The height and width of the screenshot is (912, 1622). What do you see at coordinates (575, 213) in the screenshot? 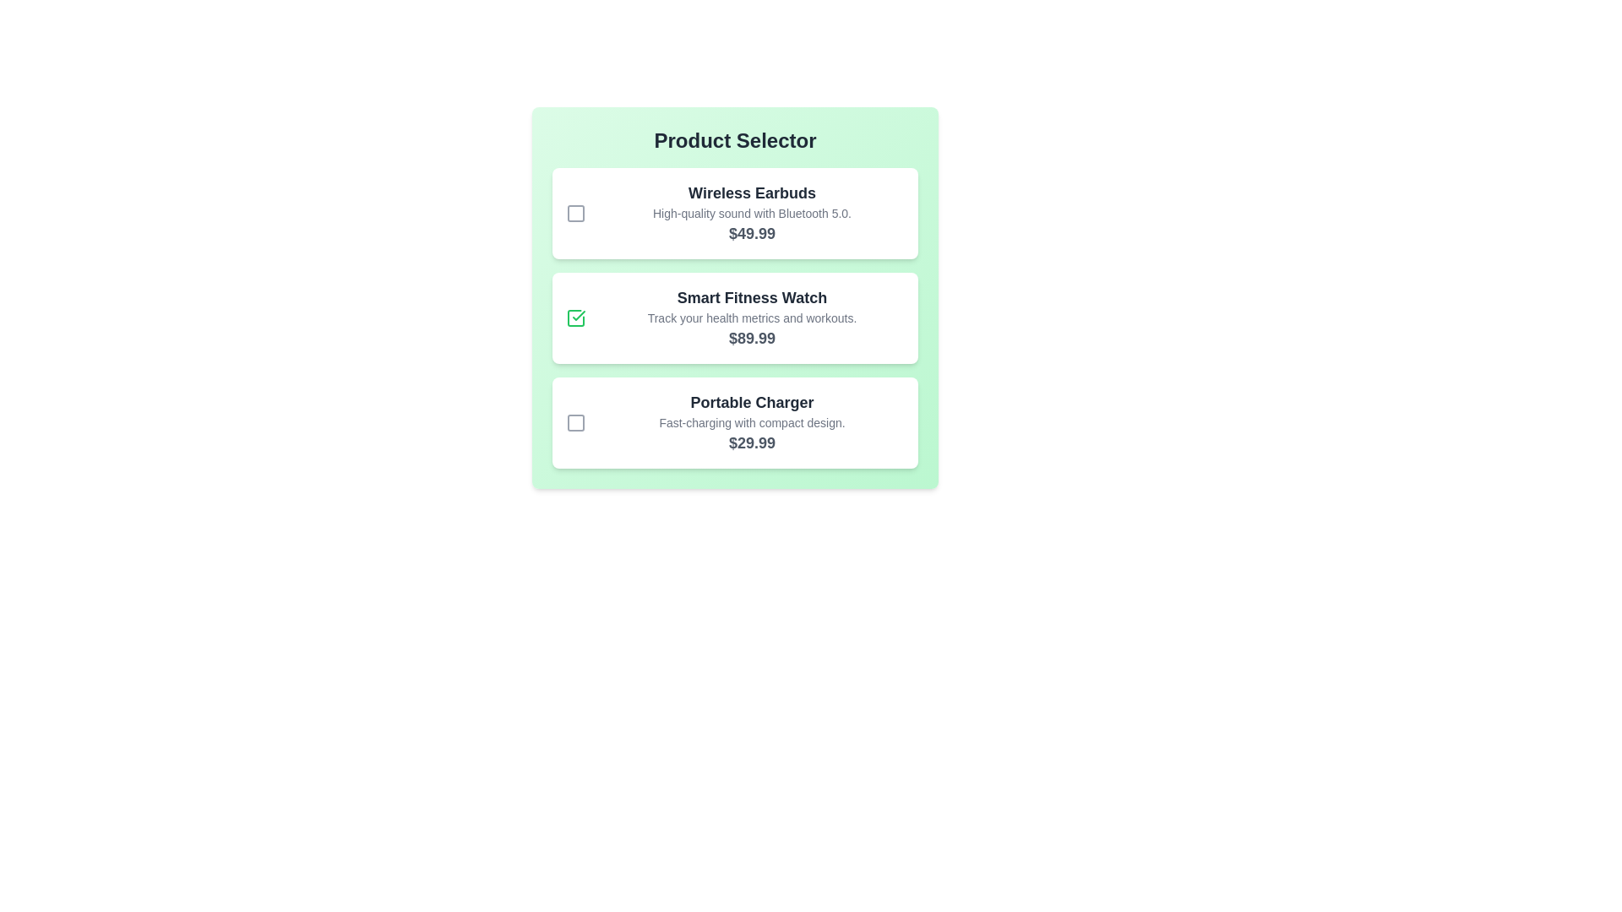
I see `the product Wireless Earbuds by clicking its checkbox` at bounding box center [575, 213].